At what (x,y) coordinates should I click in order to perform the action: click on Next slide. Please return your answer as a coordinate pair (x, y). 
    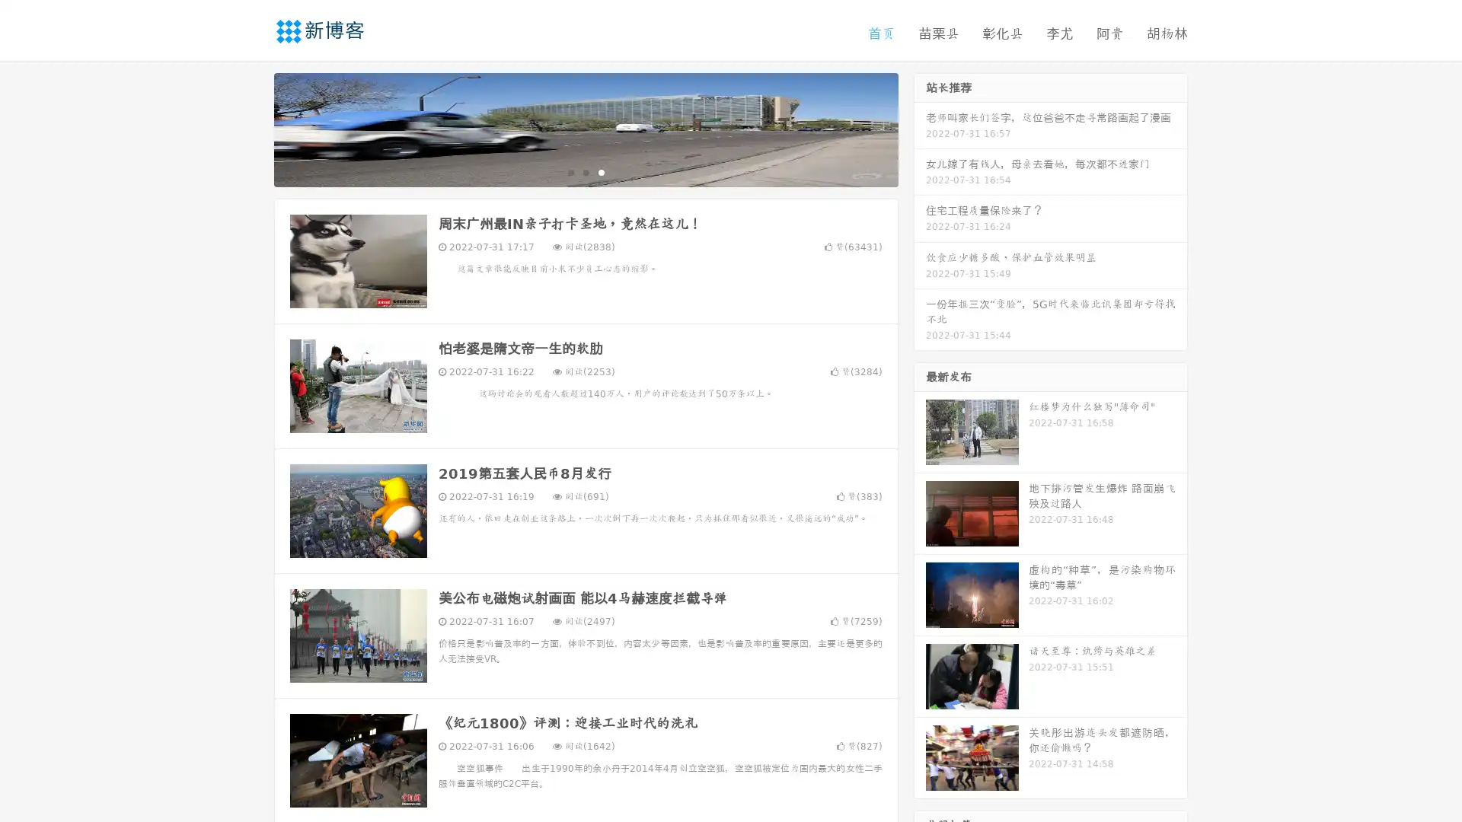
    Looking at the image, I should click on (920, 128).